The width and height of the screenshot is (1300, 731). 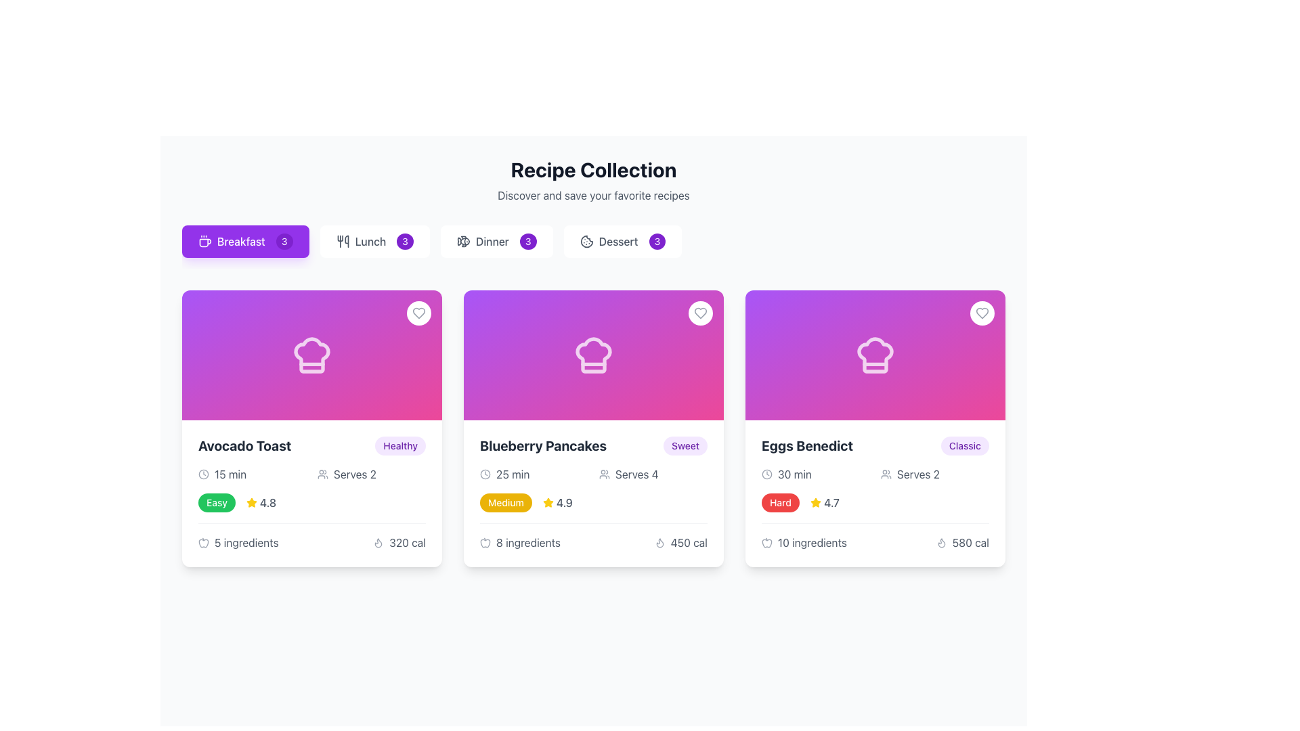 I want to click on the decorative icon representing the recipe on the 'Blueberry Pancakes' card, which is the middle card in the collection, so click(x=594, y=354).